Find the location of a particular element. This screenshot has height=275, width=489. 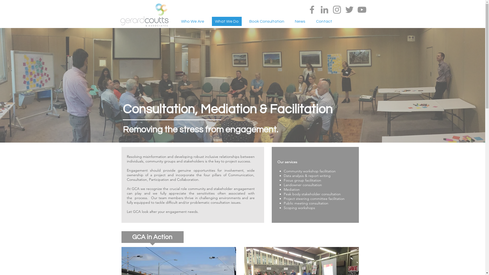

'News' is located at coordinates (300, 21).